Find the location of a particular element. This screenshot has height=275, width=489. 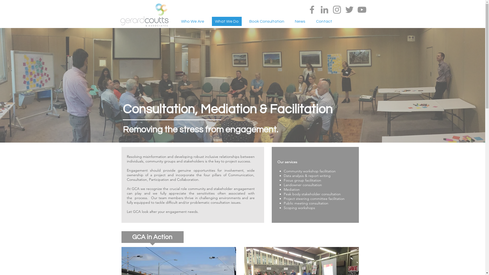

'News' is located at coordinates (300, 21).